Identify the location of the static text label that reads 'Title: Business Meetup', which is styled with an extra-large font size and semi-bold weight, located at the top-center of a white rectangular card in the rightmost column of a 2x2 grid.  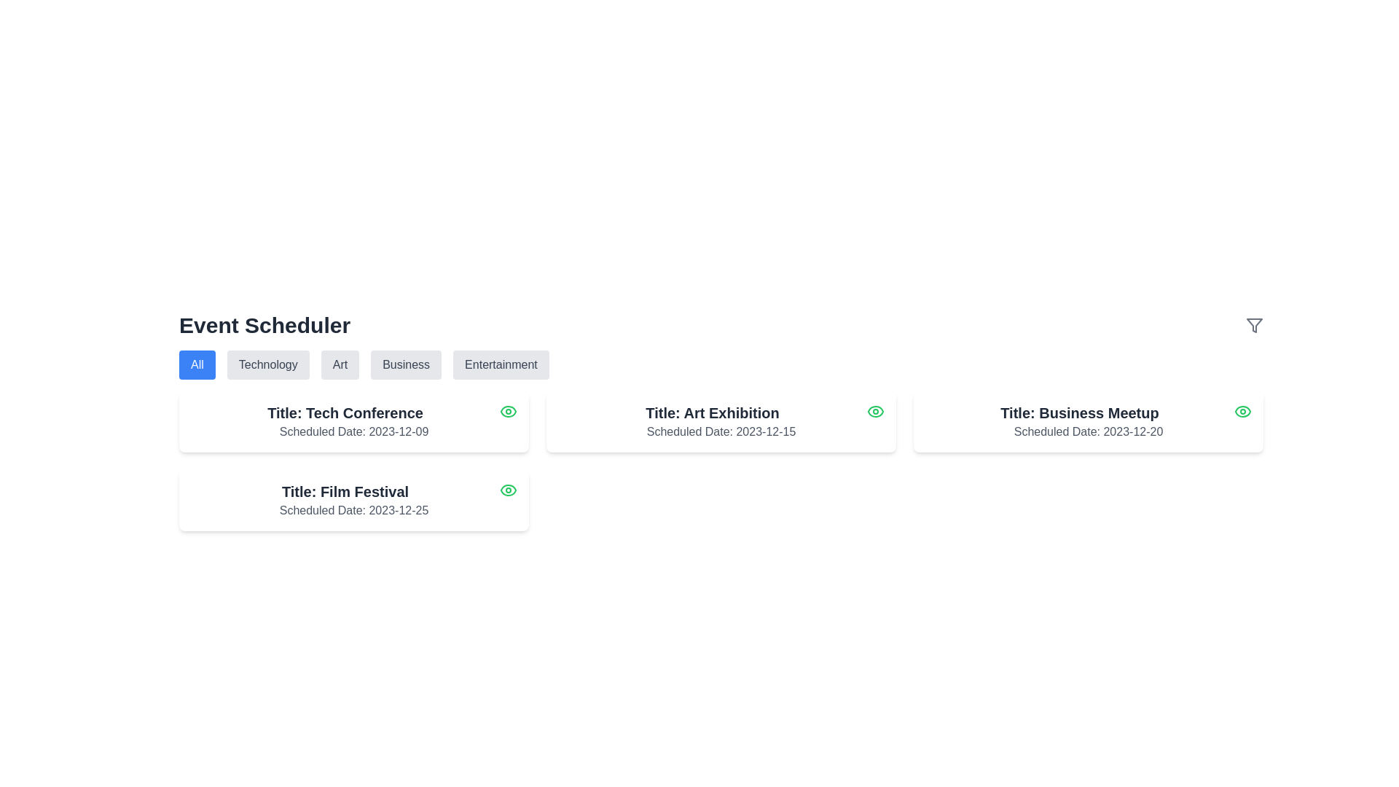
(1088, 413).